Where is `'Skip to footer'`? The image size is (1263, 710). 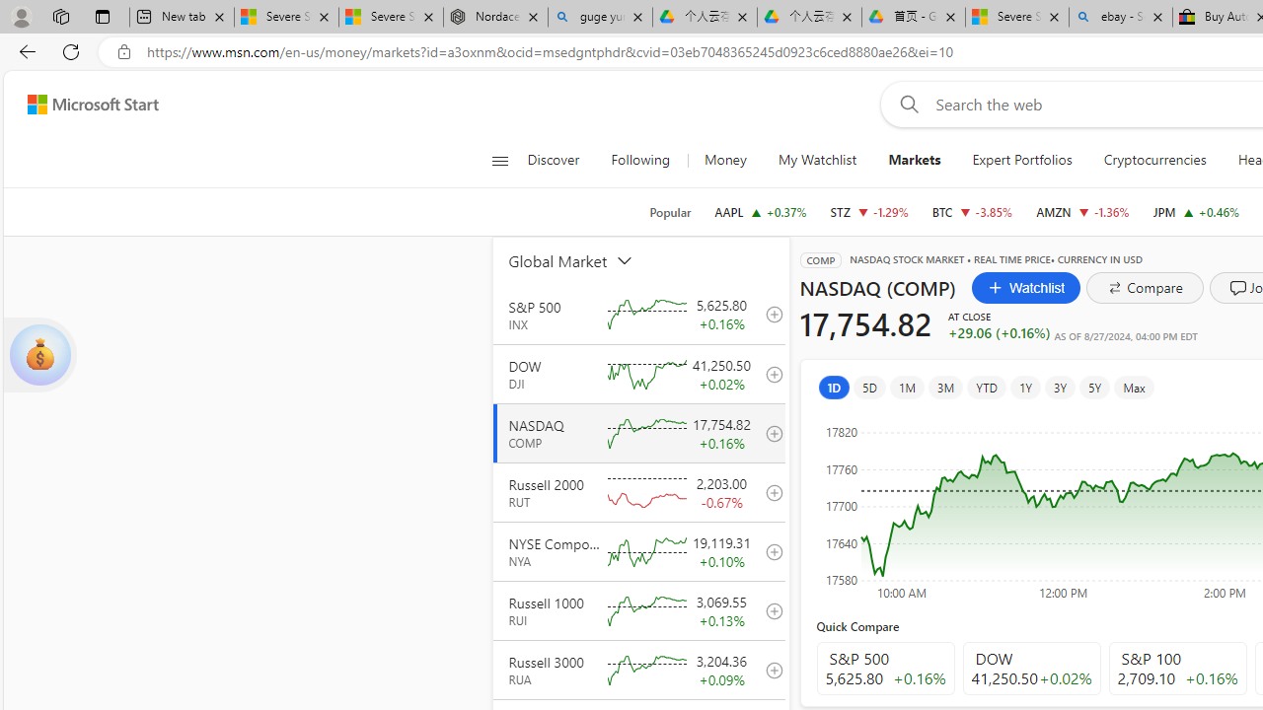 'Skip to footer' is located at coordinates (80, 104).